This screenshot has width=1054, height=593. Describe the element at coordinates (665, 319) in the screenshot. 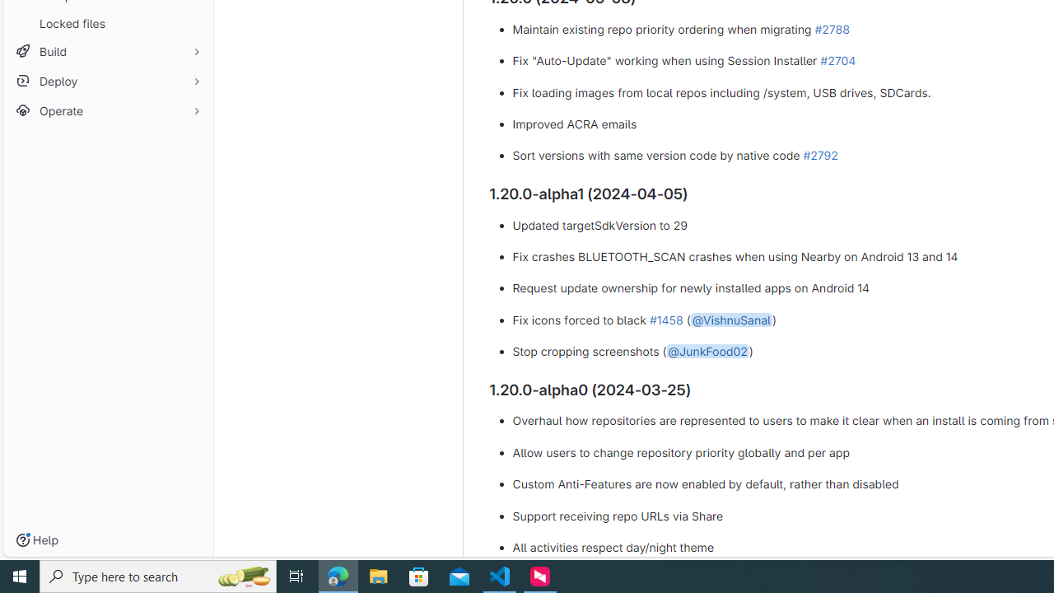

I see `'#1458'` at that location.